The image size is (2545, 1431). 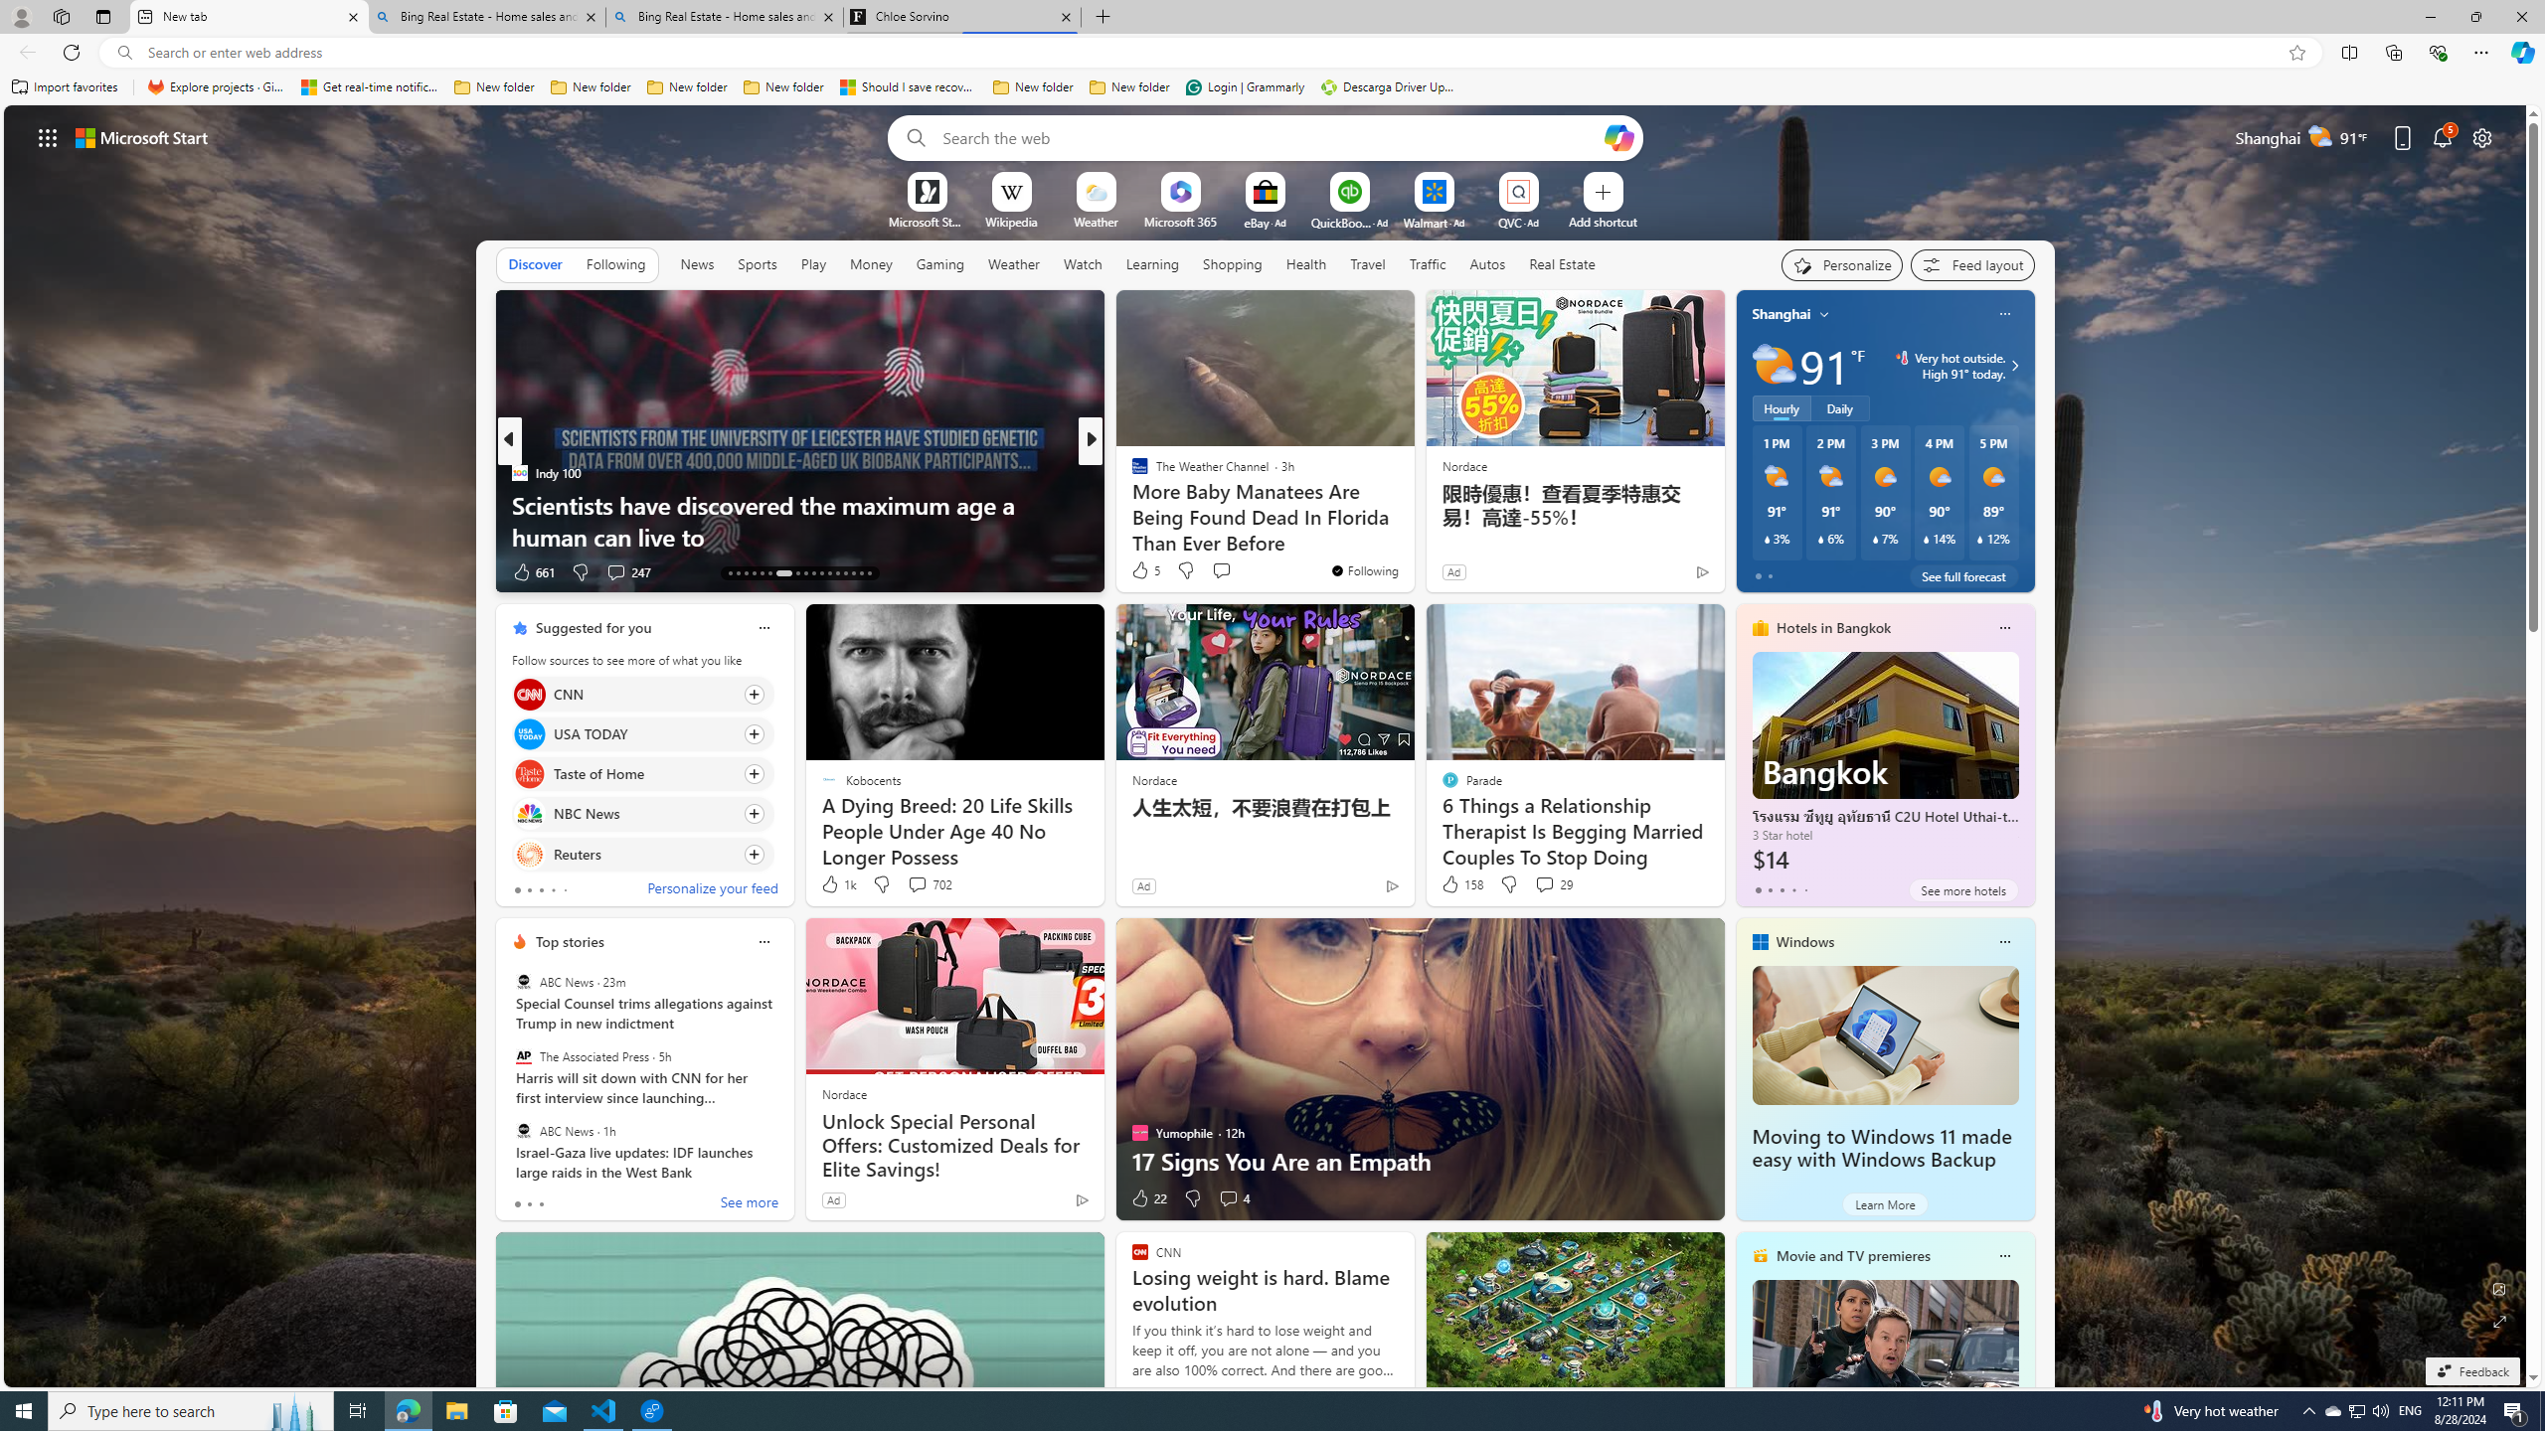 I want to click on 'View comments 19 Comment', so click(x=1228, y=570).